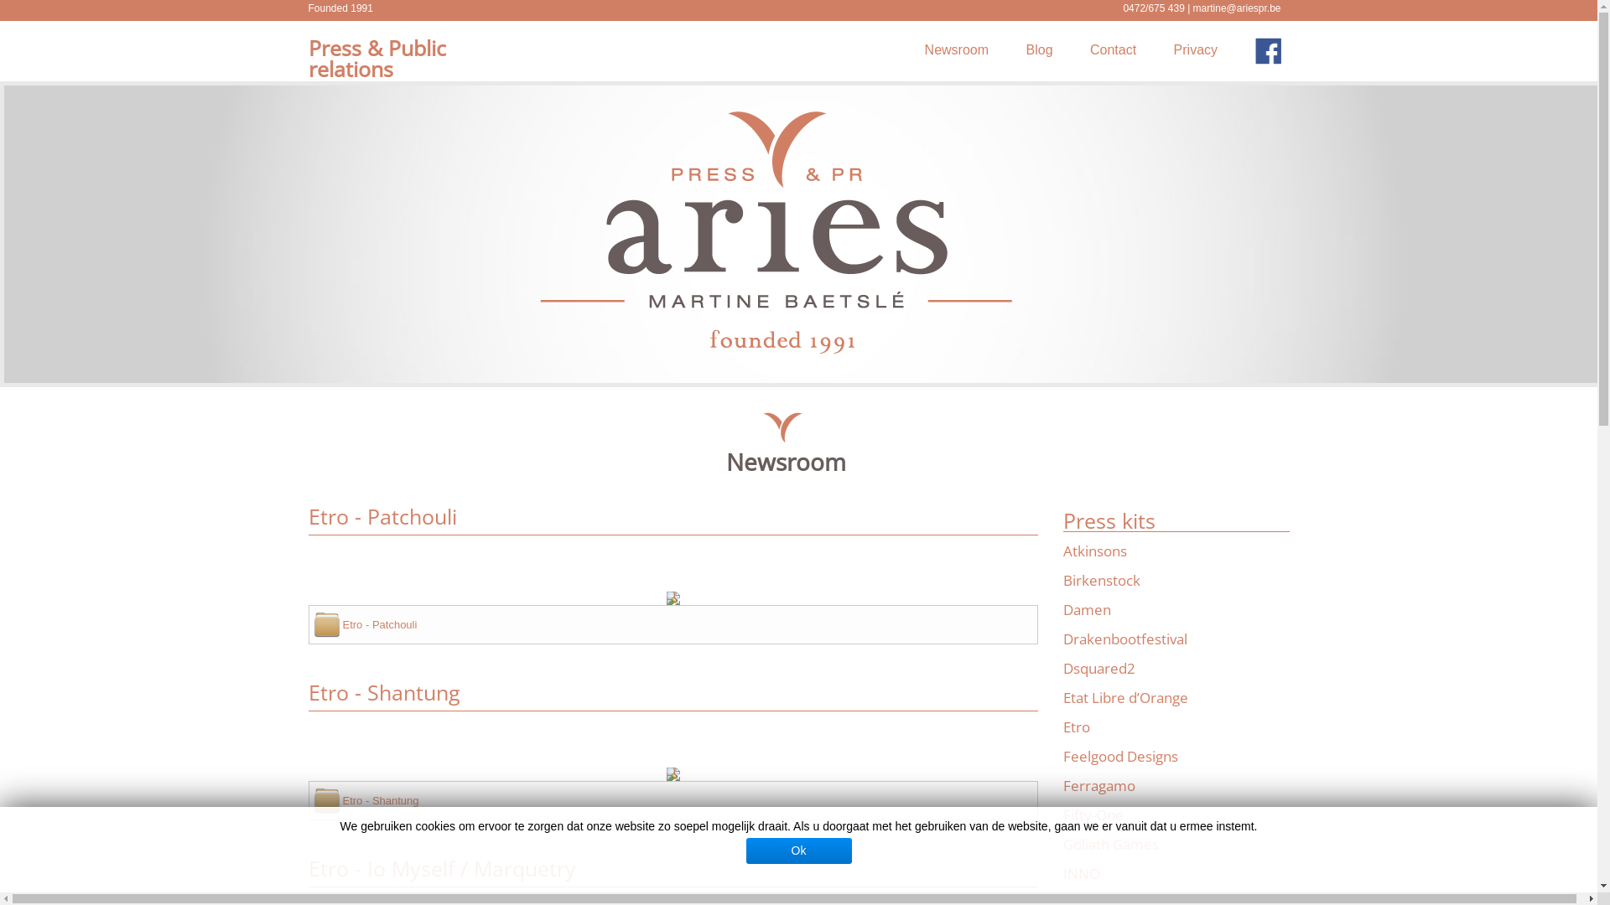 Image resolution: width=1610 pixels, height=905 pixels. Describe the element at coordinates (1102, 579) in the screenshot. I see `'Birkenstock'` at that location.